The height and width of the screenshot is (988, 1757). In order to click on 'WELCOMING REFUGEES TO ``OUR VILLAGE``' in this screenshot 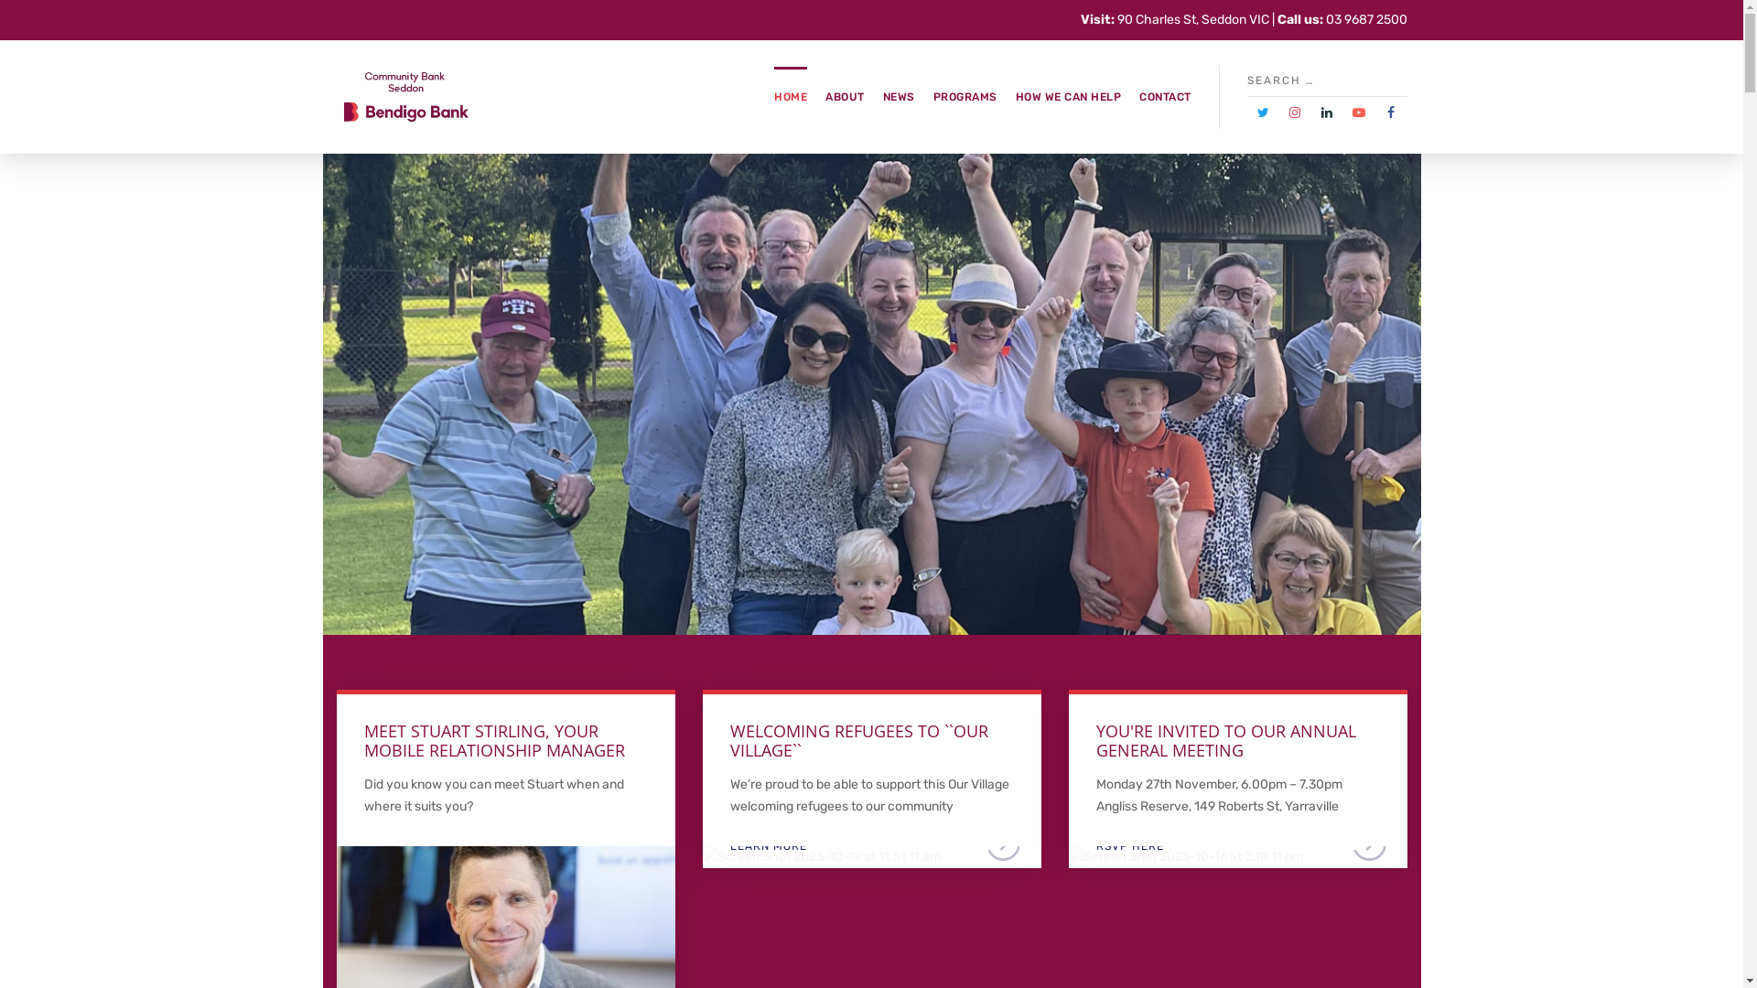, I will do `click(858, 739)`.